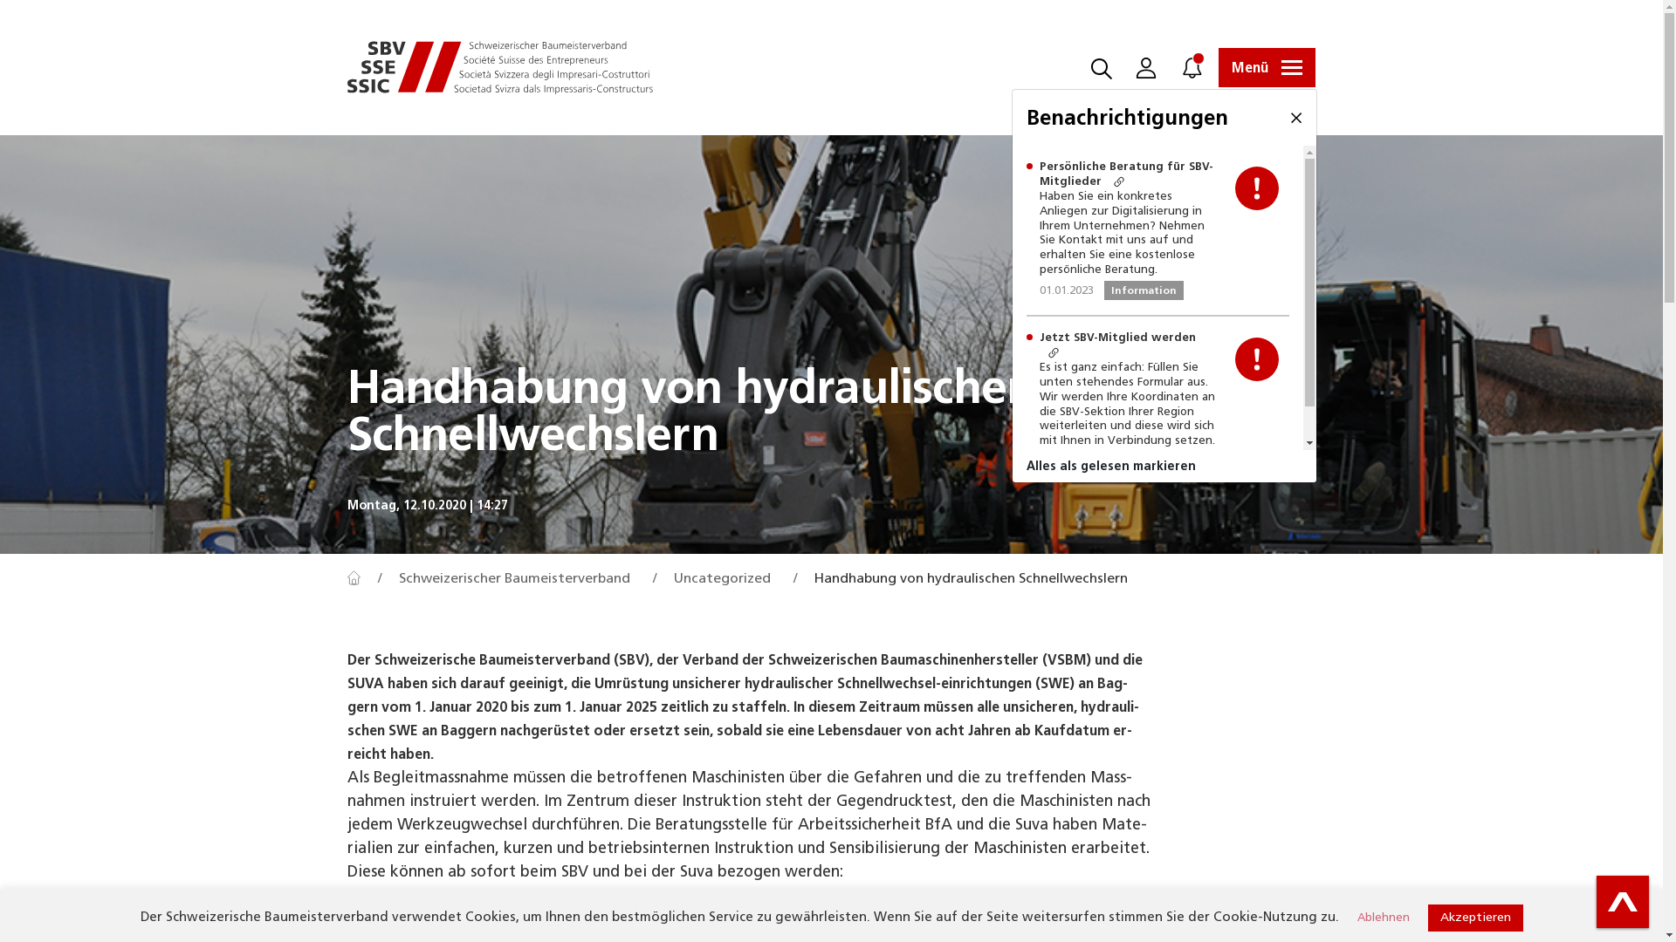 This screenshot has height=942, width=1676. Describe the element at coordinates (1164, 465) in the screenshot. I see `'Alles als gelesen markieren'` at that location.